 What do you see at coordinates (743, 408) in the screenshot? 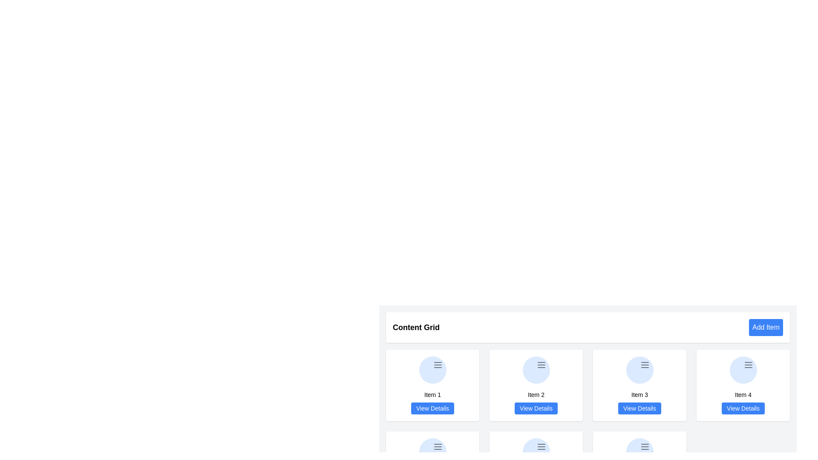
I see `the button located at the bottom of the 'Item 4' card in the grid layout` at bounding box center [743, 408].